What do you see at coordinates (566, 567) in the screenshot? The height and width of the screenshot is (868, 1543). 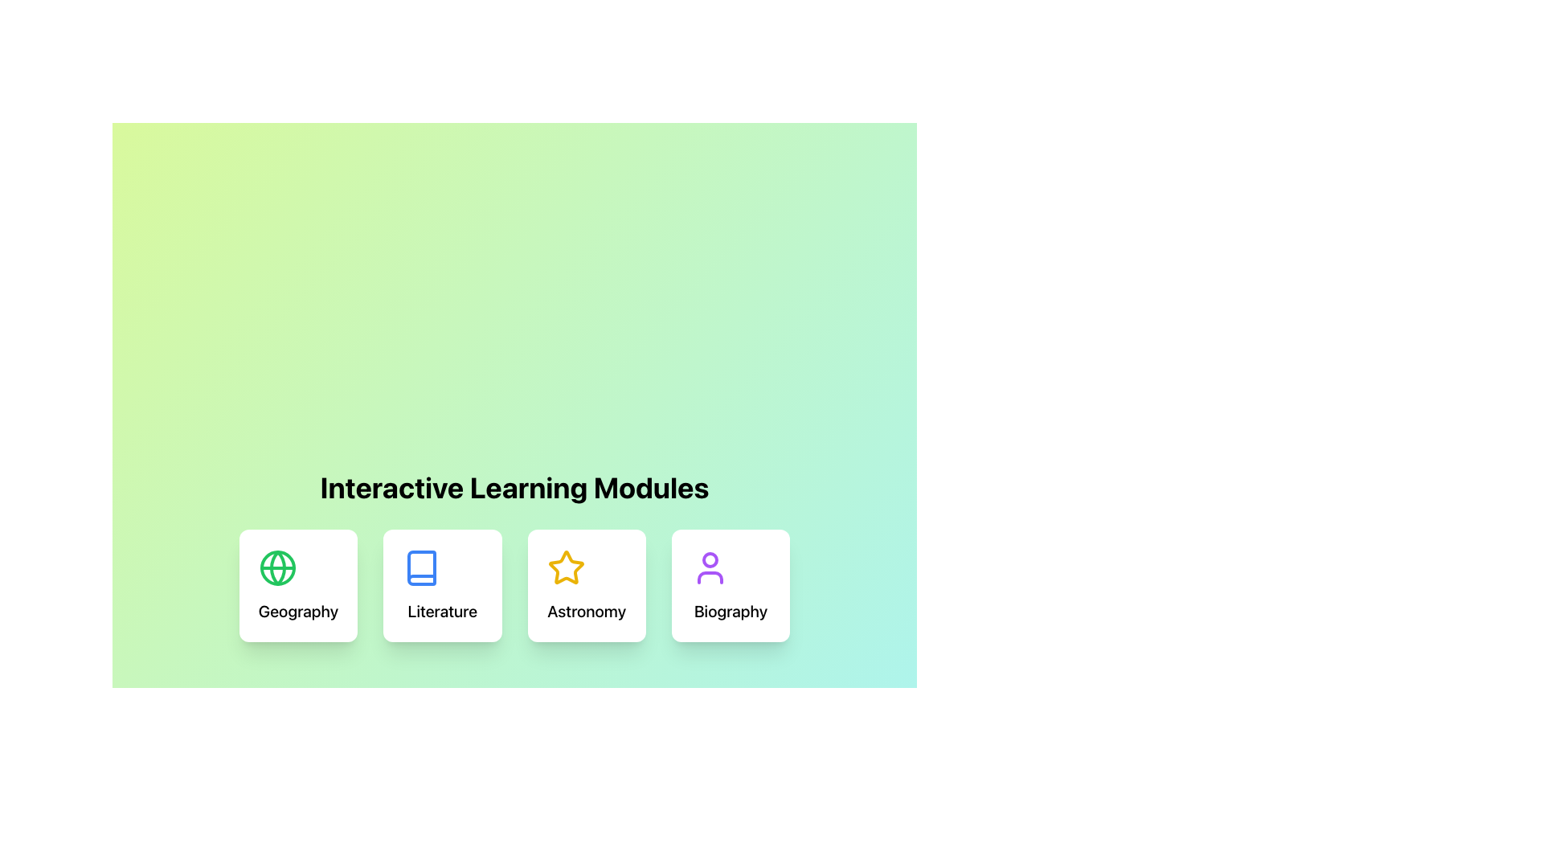 I see `the stylized star-shaped icon with a yellow stroke that is part of the Astronomy module, positioned third among four options in the interactive learning modules` at bounding box center [566, 567].